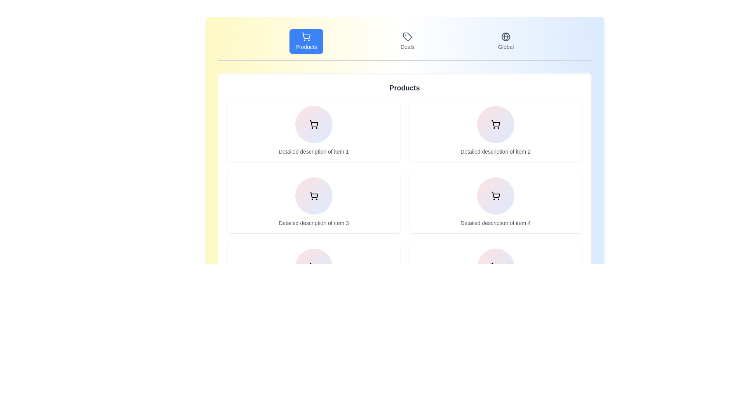 The width and height of the screenshot is (746, 419). What do you see at coordinates (314, 130) in the screenshot?
I see `the item with the description 'Detailed description of item 1' to view its details` at bounding box center [314, 130].